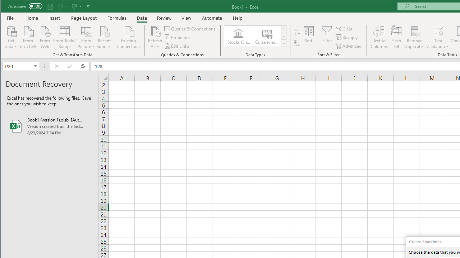 This screenshot has width=460, height=258. Describe the element at coordinates (164, 18) in the screenshot. I see `'Review'` at that location.